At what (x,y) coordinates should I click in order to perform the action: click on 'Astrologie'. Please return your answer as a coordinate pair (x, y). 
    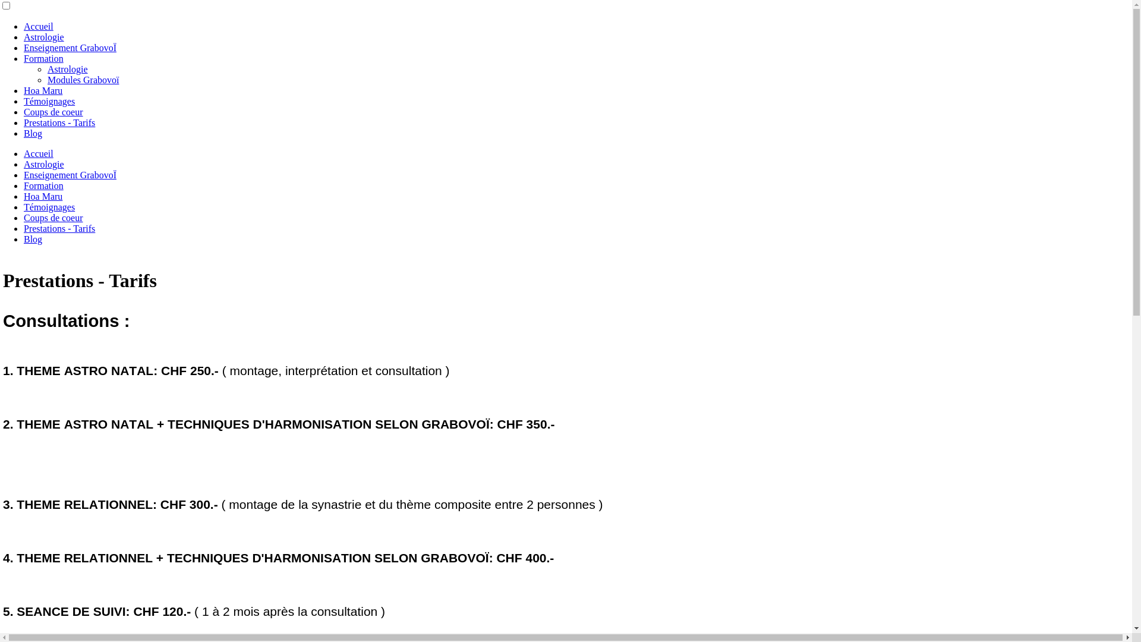
    Looking at the image, I should click on (67, 69).